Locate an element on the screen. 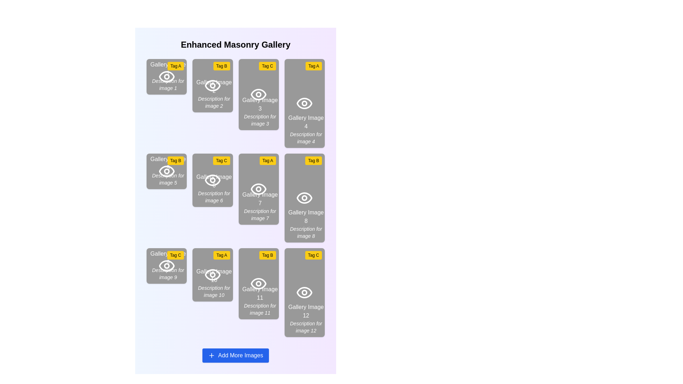 This screenshot has height=384, width=683. the icon in the center of the gallery card labeled 'Gallery Image 7', which is located beneath the text 'Description for image 7' and within the card containing the 'Tag A' label at the top-right corner is located at coordinates (258, 189).